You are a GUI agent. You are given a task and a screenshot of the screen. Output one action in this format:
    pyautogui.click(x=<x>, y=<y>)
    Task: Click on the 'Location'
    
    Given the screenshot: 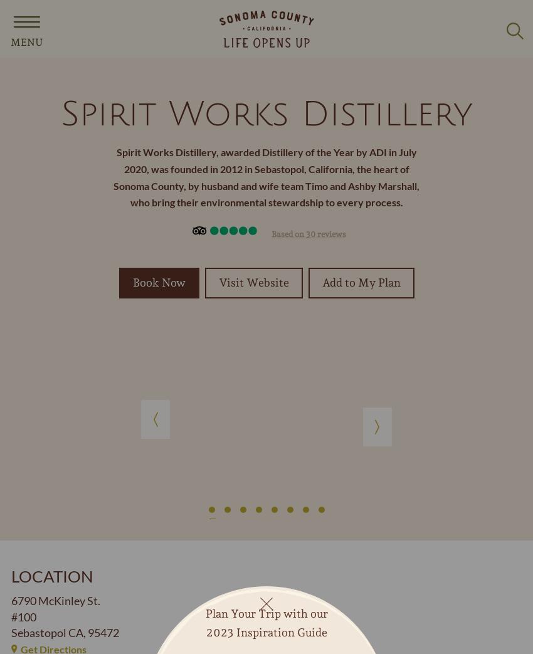 What is the action you would take?
    pyautogui.click(x=52, y=575)
    